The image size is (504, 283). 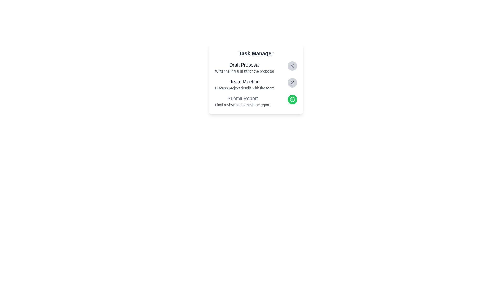 I want to click on the 'Team Meeting' task, so click(x=256, y=84).